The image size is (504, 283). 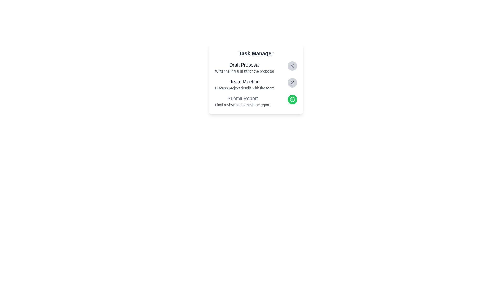 I want to click on the 'Team Meeting' task, so click(x=256, y=84).